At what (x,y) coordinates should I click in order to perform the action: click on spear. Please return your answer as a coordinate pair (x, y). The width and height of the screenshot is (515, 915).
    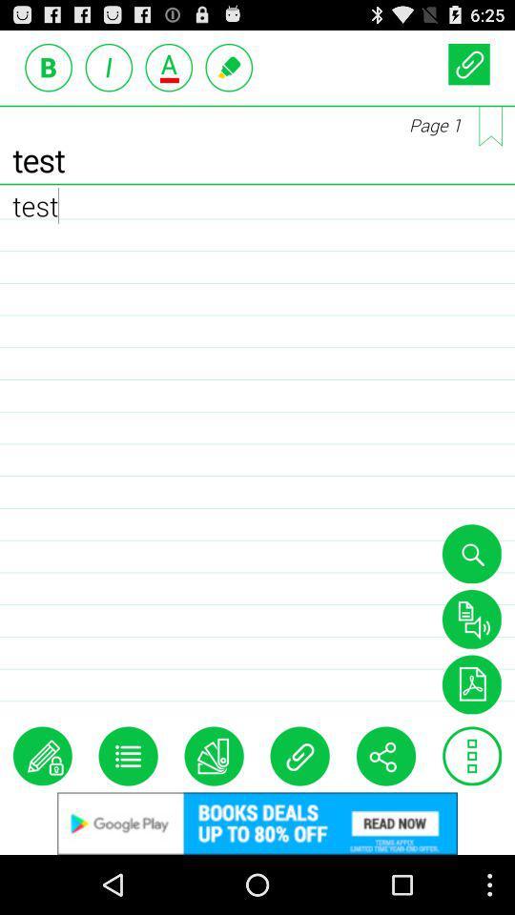
    Looking at the image, I should click on (470, 618).